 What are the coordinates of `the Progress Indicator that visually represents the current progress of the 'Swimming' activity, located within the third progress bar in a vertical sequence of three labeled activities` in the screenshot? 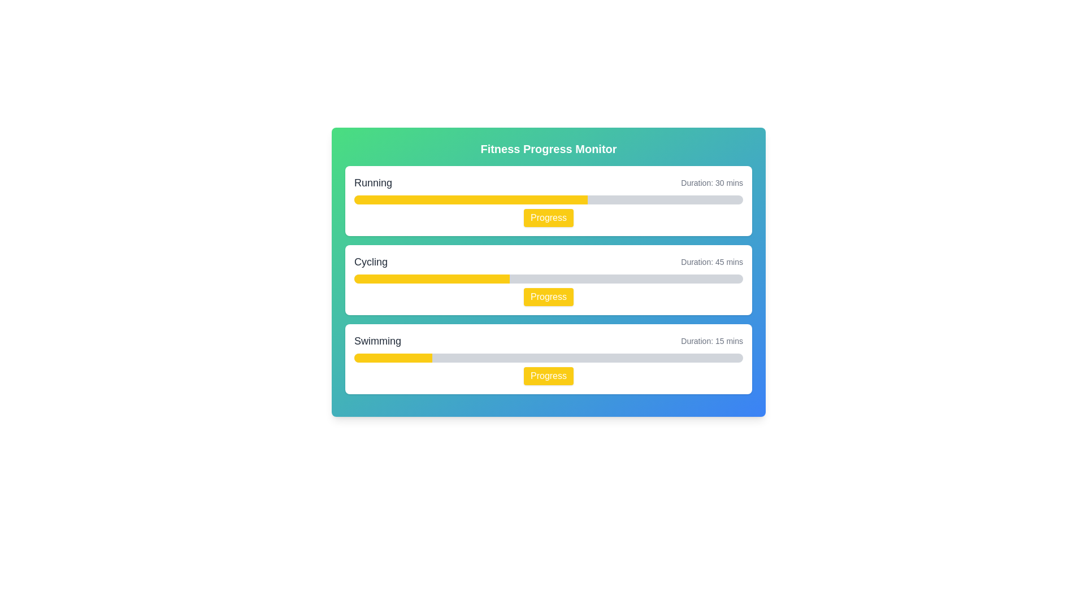 It's located at (393, 358).